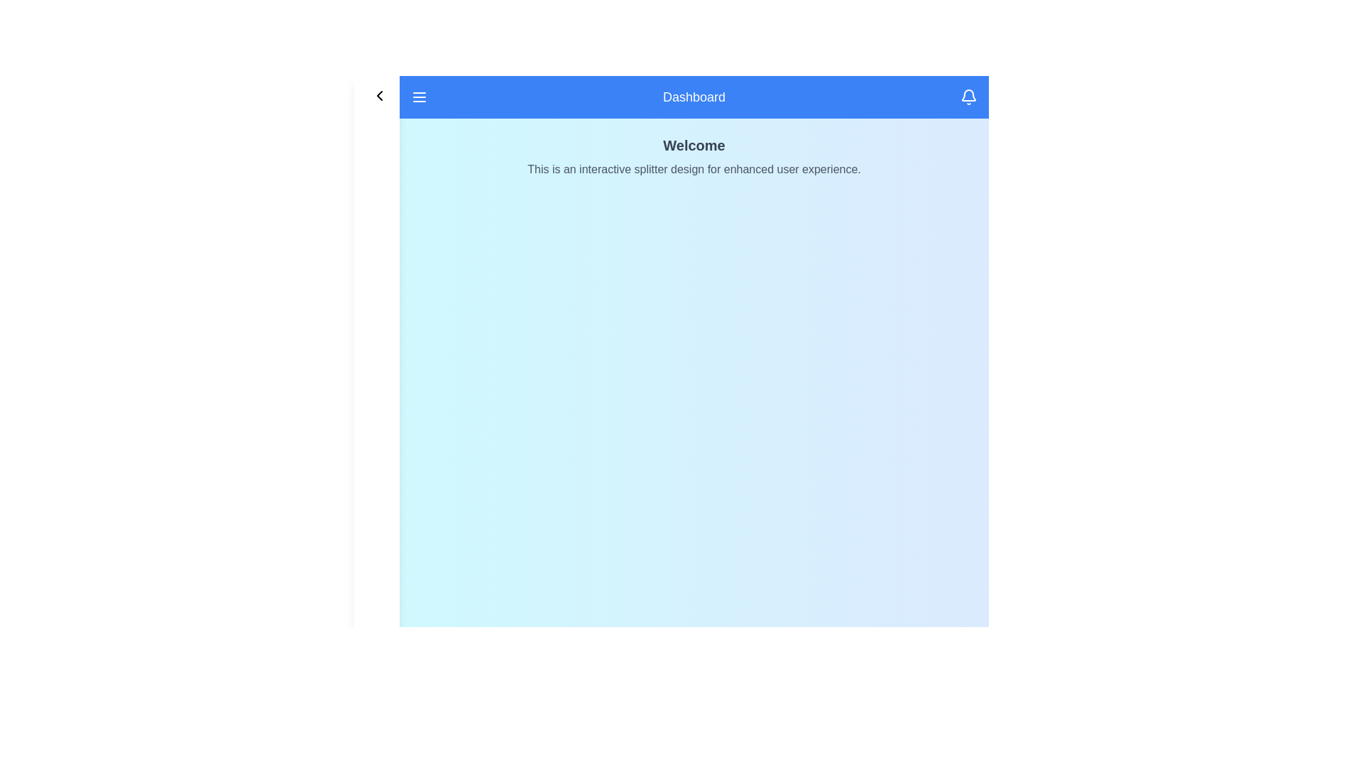 The height and width of the screenshot is (767, 1363). What do you see at coordinates (694, 97) in the screenshot?
I see `the top navigation bar with a blue background and 'Dashboard' text centered` at bounding box center [694, 97].